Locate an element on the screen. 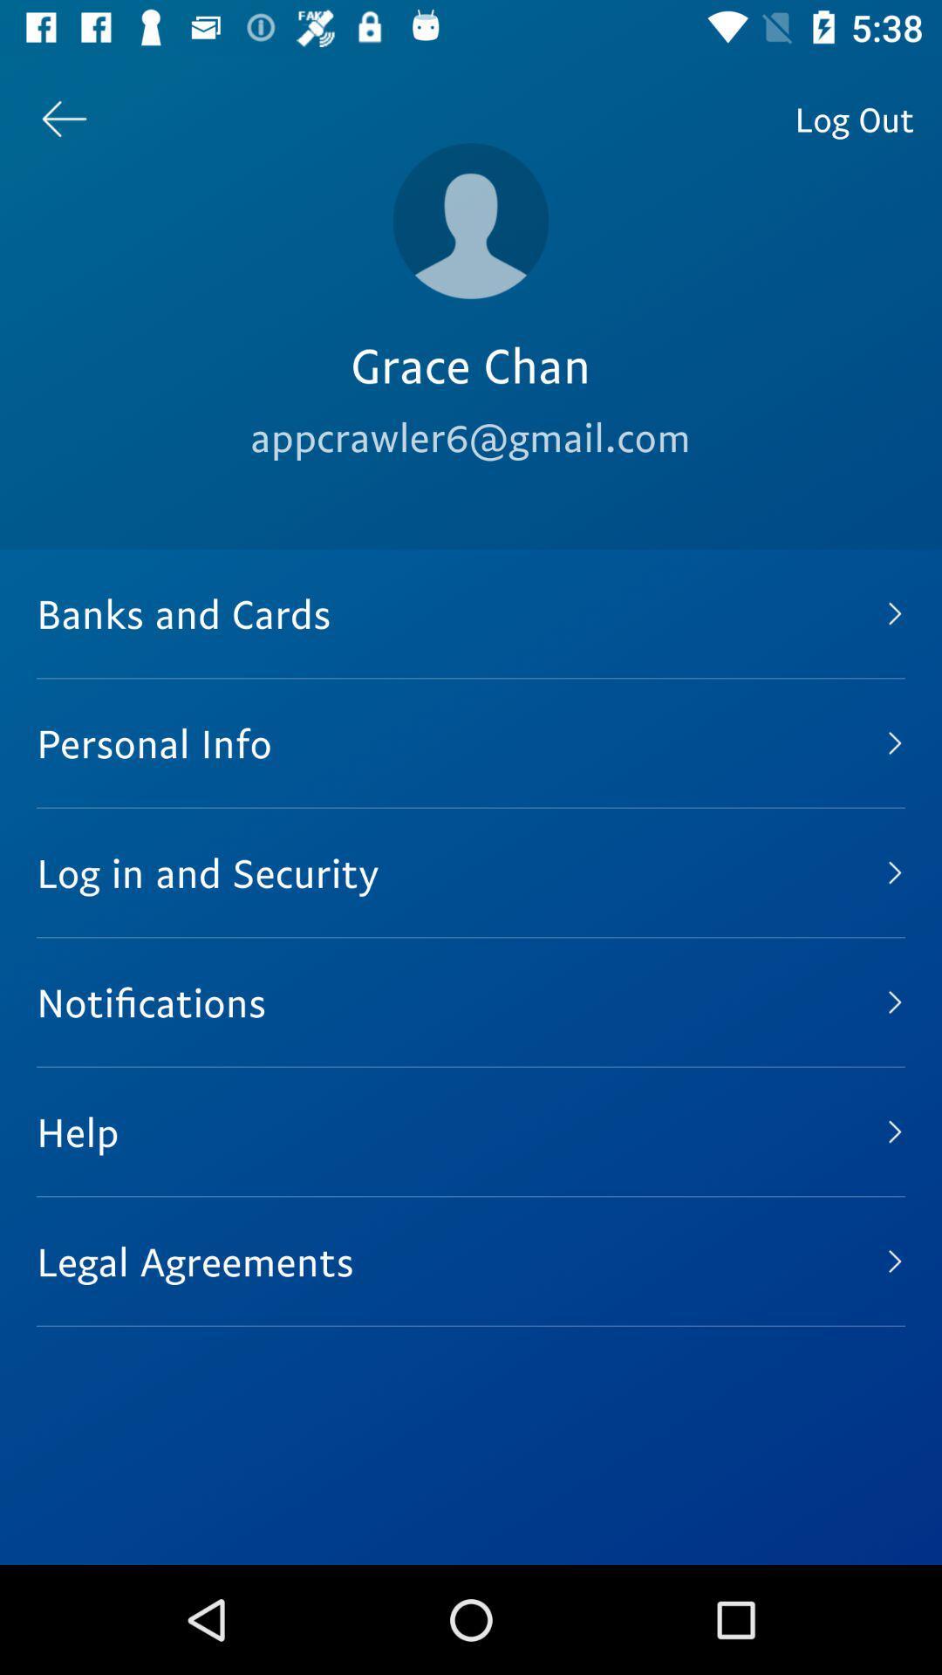 The width and height of the screenshot is (942, 1675). the avatar icon is located at coordinates (471, 220).